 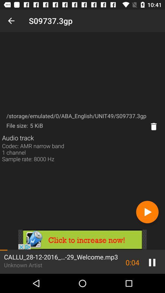 What do you see at coordinates (82, 240) in the screenshot?
I see `open advertisement` at bounding box center [82, 240].